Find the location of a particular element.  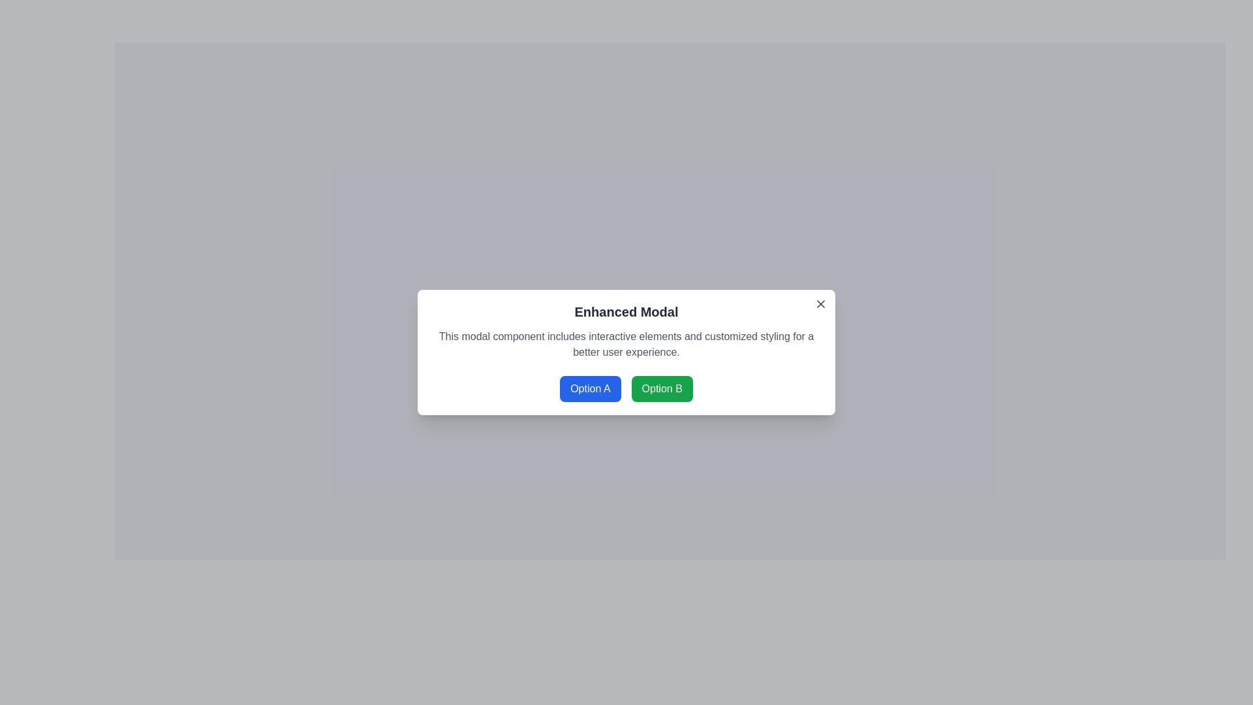

the green button labeled 'Option B' located at the bottom of the modal dialog is located at coordinates (662, 388).